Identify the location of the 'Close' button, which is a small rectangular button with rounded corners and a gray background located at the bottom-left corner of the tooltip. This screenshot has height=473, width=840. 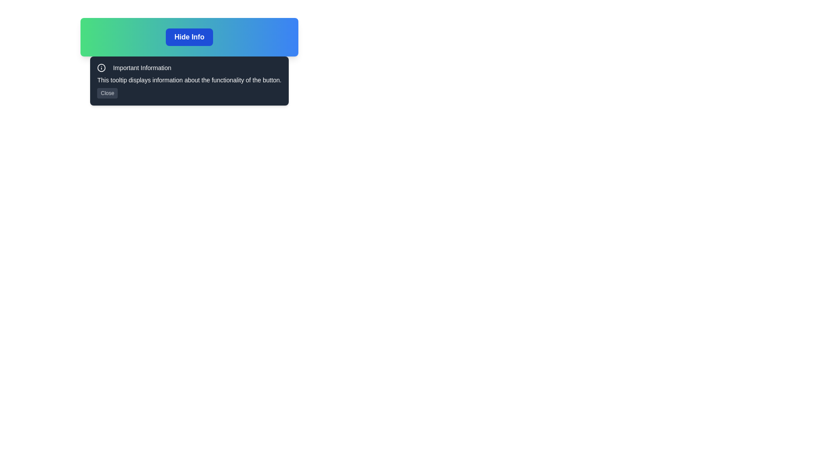
(107, 93).